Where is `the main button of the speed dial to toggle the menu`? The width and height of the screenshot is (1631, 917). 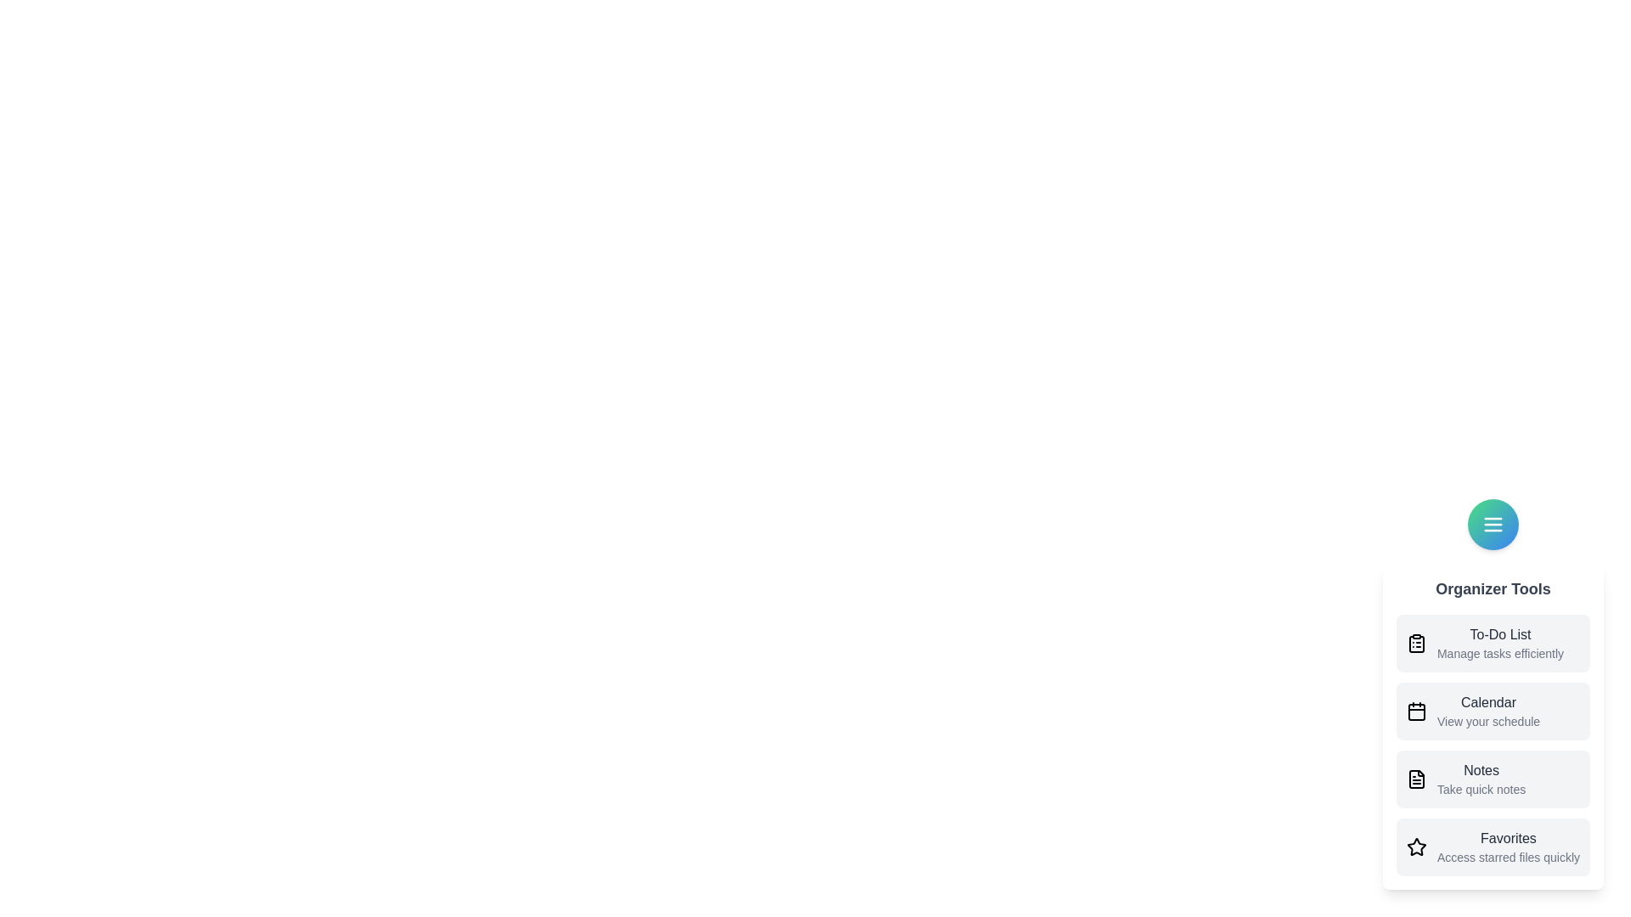
the main button of the speed dial to toggle the menu is located at coordinates (1492, 523).